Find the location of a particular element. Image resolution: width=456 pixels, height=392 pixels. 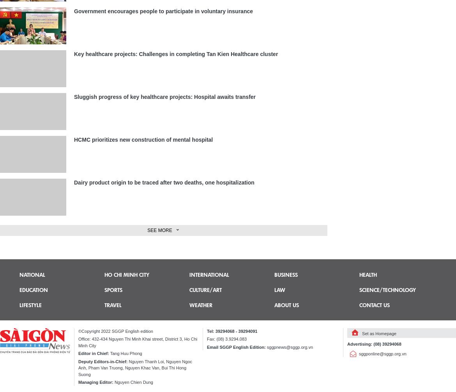

'National' is located at coordinates (32, 274).